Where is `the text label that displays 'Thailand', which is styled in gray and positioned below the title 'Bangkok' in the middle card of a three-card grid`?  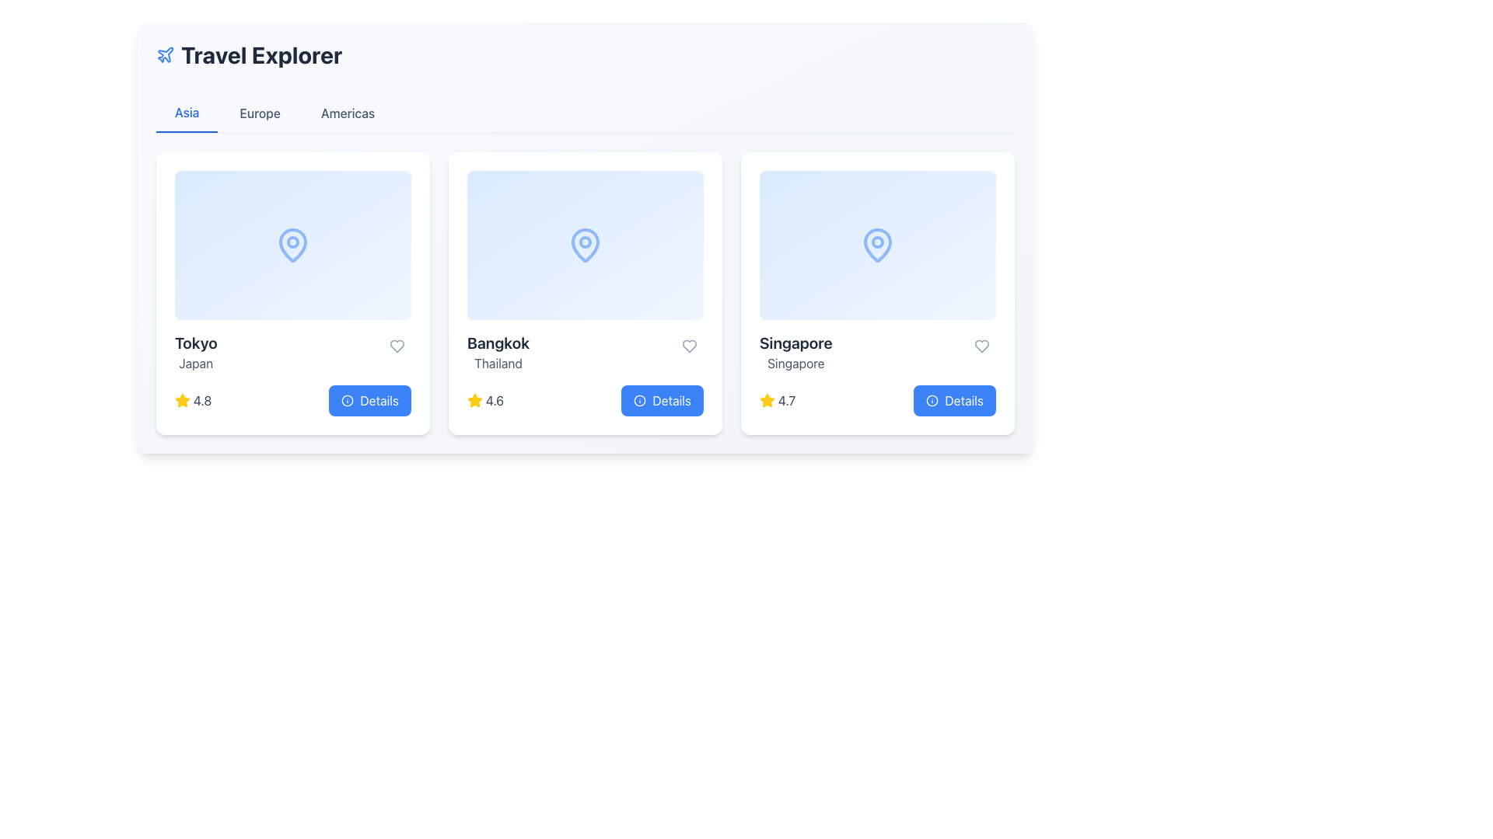
the text label that displays 'Thailand', which is styled in gray and positioned below the title 'Bangkok' in the middle card of a three-card grid is located at coordinates (498, 363).